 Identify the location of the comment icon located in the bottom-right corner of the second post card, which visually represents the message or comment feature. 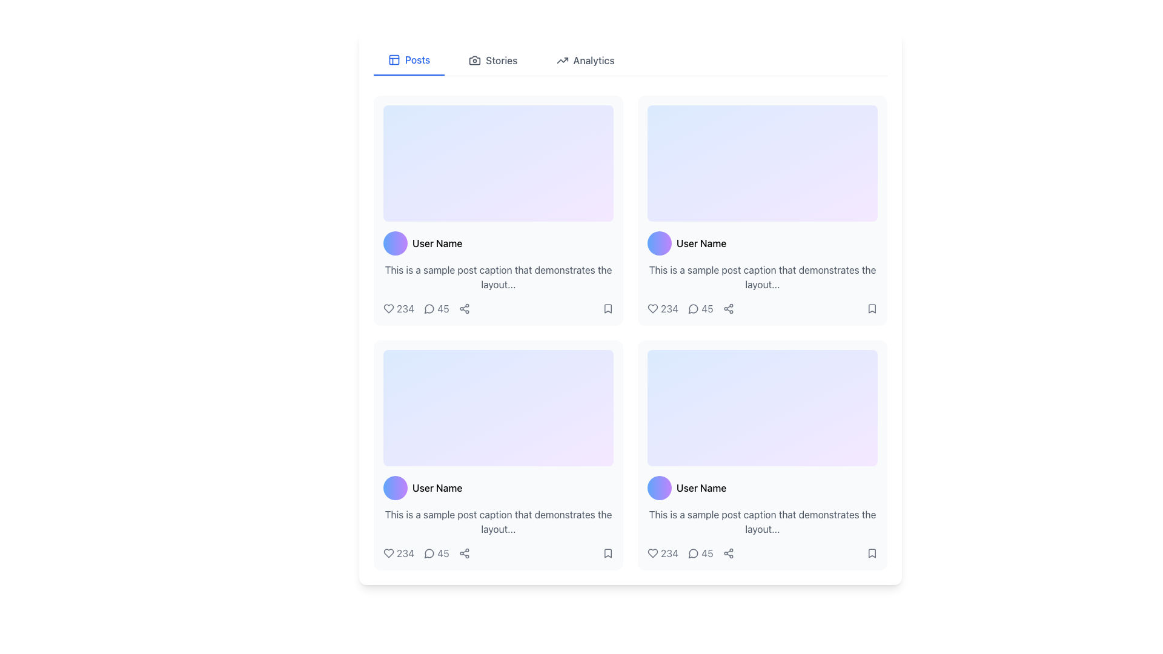
(693, 553).